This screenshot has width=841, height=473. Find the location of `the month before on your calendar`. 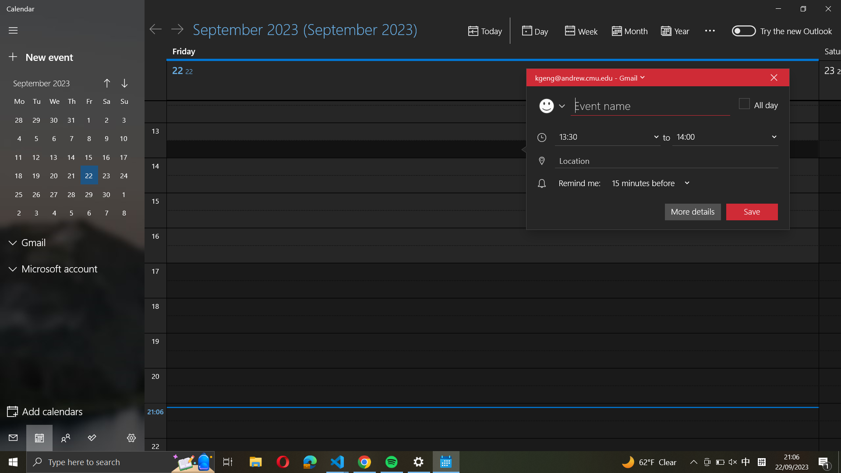

the month before on your calendar is located at coordinates (106, 84).